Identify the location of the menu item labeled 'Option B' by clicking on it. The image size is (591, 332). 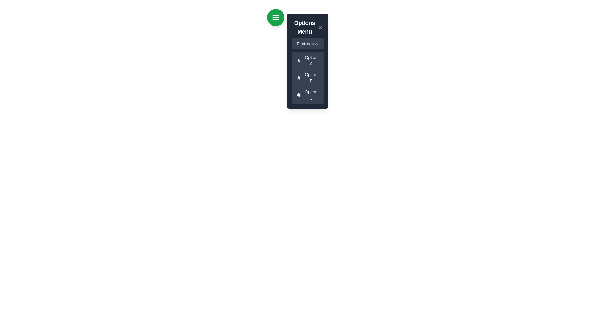
(308, 77).